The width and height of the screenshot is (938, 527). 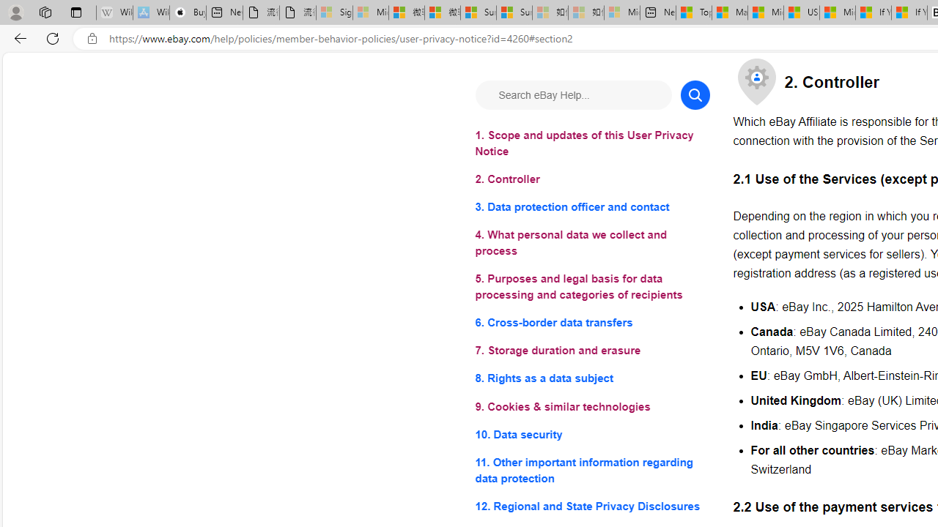 What do you see at coordinates (592, 322) in the screenshot?
I see `'6. Cross-border data transfers'` at bounding box center [592, 322].